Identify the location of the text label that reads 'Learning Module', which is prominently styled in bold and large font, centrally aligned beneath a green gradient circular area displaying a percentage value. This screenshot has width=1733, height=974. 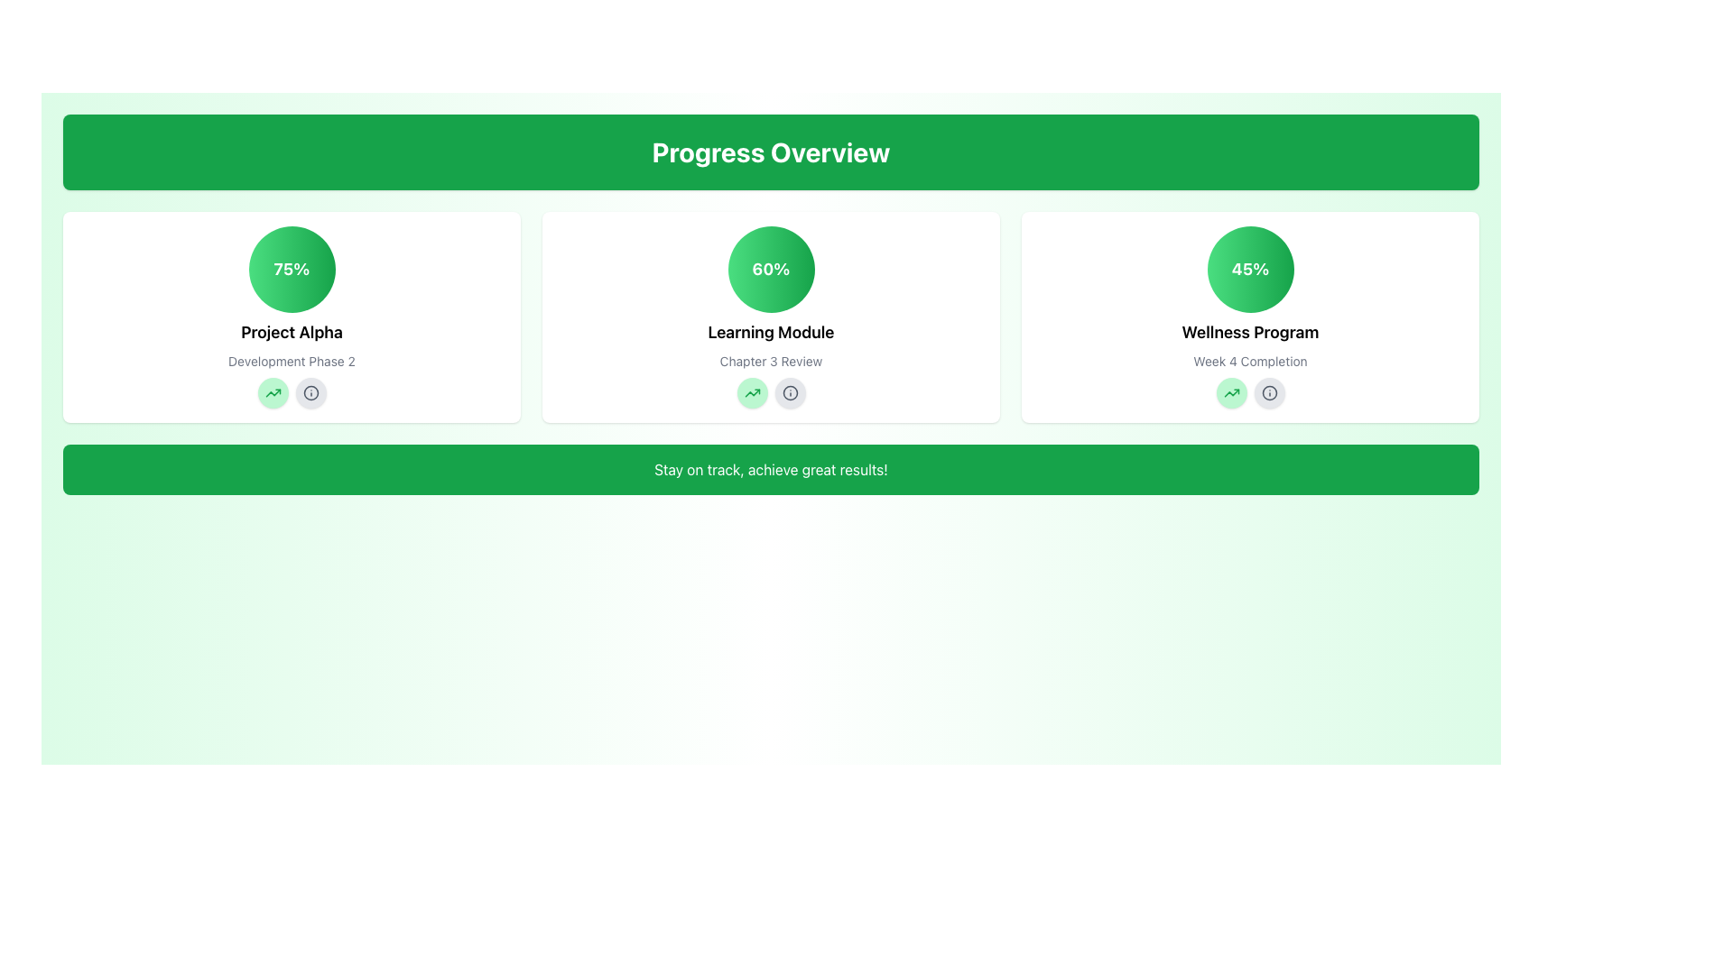
(771, 333).